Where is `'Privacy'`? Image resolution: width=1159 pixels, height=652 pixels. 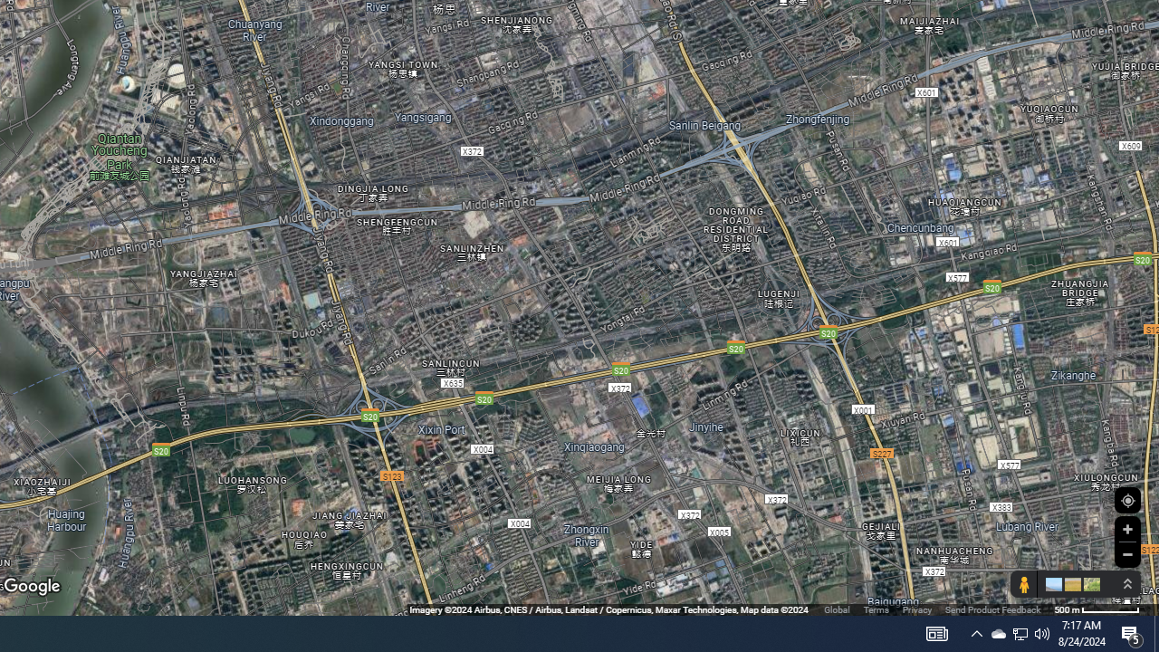
'Privacy' is located at coordinates (917, 609).